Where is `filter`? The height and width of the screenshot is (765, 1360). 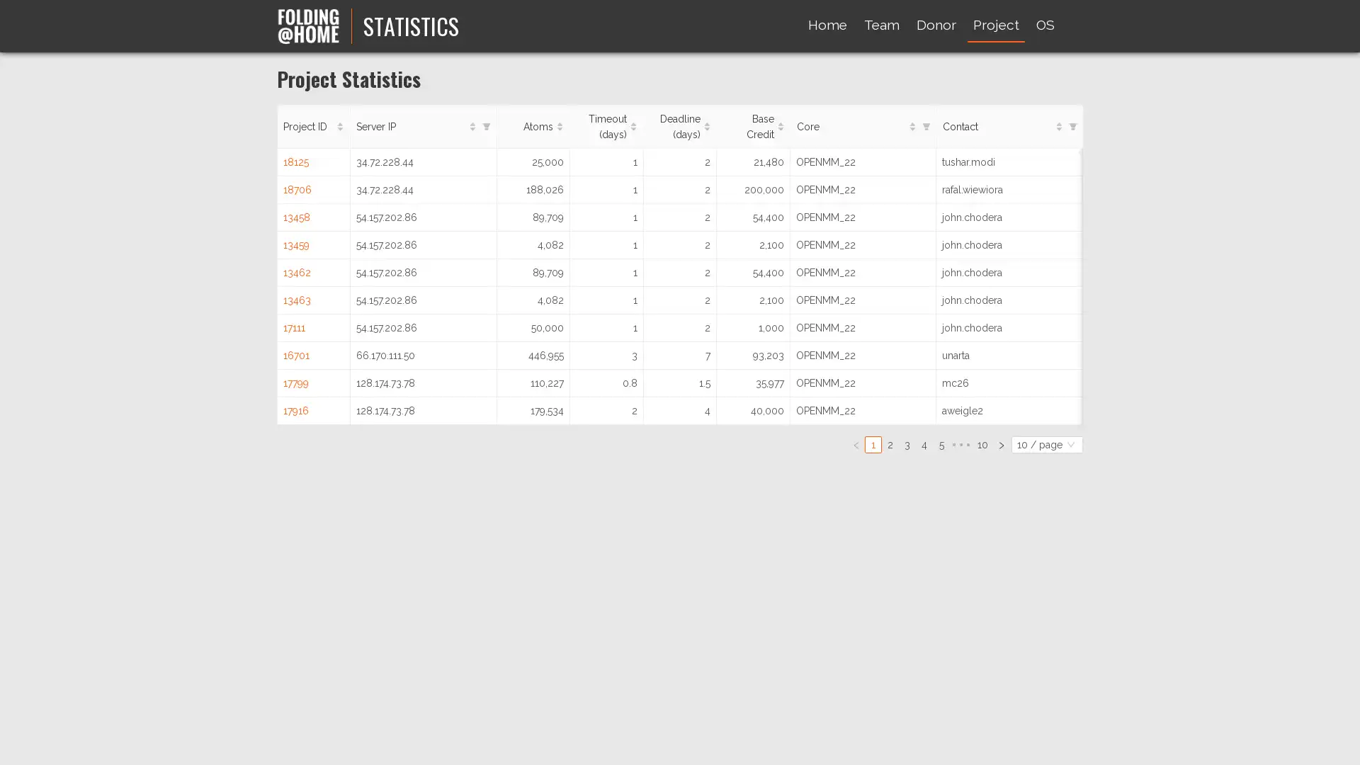 filter is located at coordinates (925, 125).